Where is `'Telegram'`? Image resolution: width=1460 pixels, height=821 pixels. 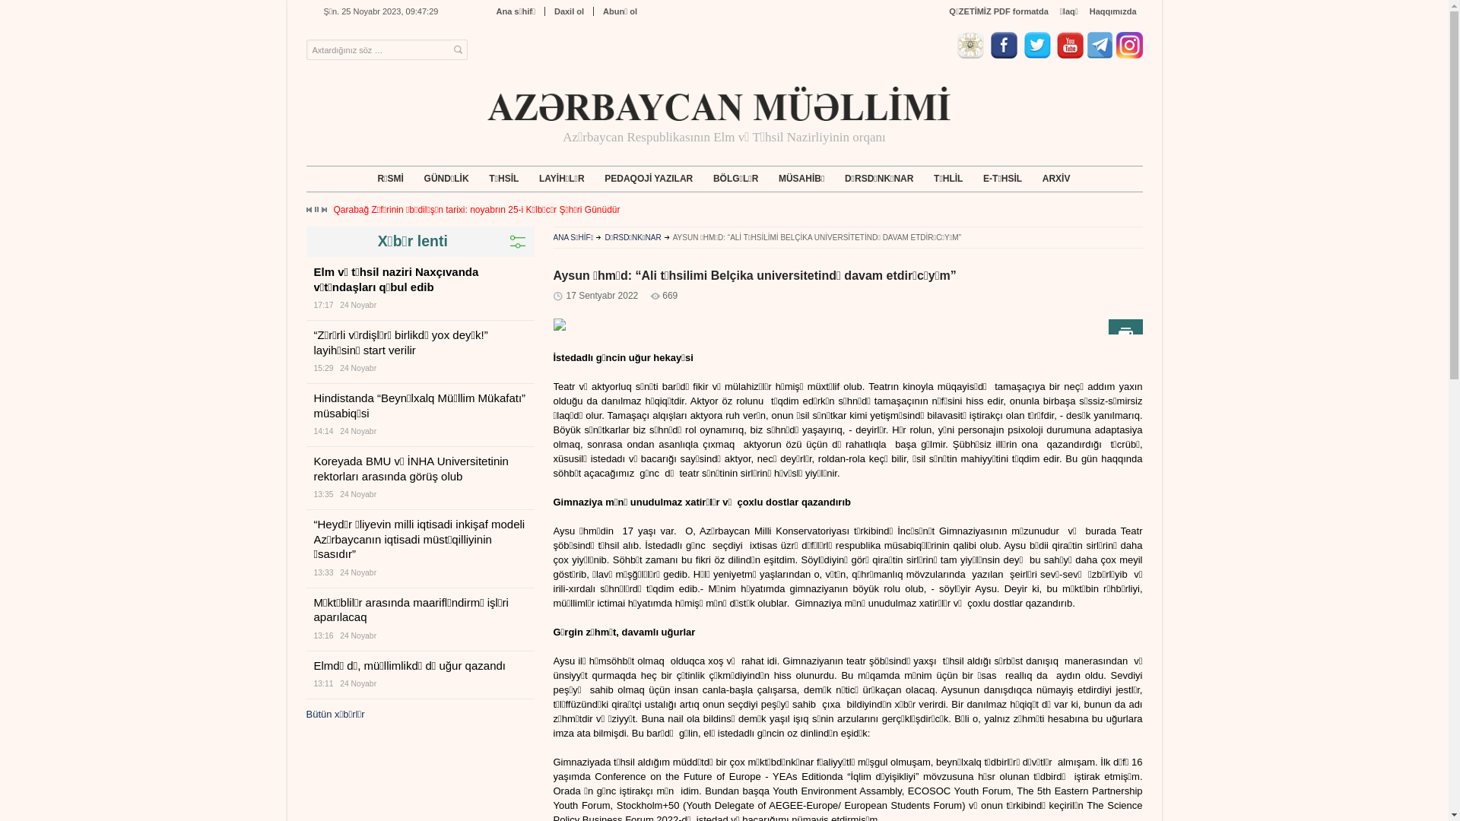 'Telegram' is located at coordinates (1100, 54).